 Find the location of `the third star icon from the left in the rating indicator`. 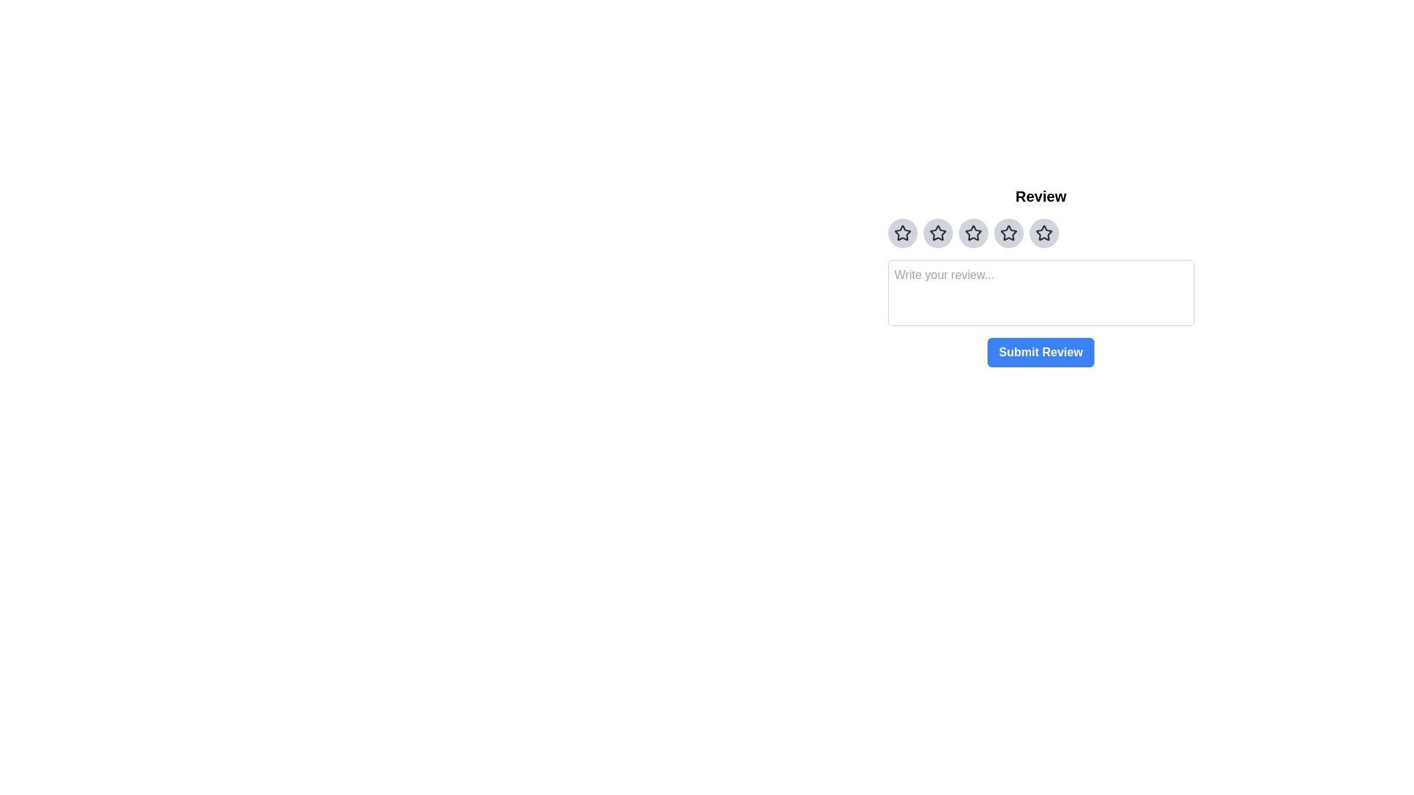

the third star icon from the left in the rating indicator is located at coordinates (973, 232).